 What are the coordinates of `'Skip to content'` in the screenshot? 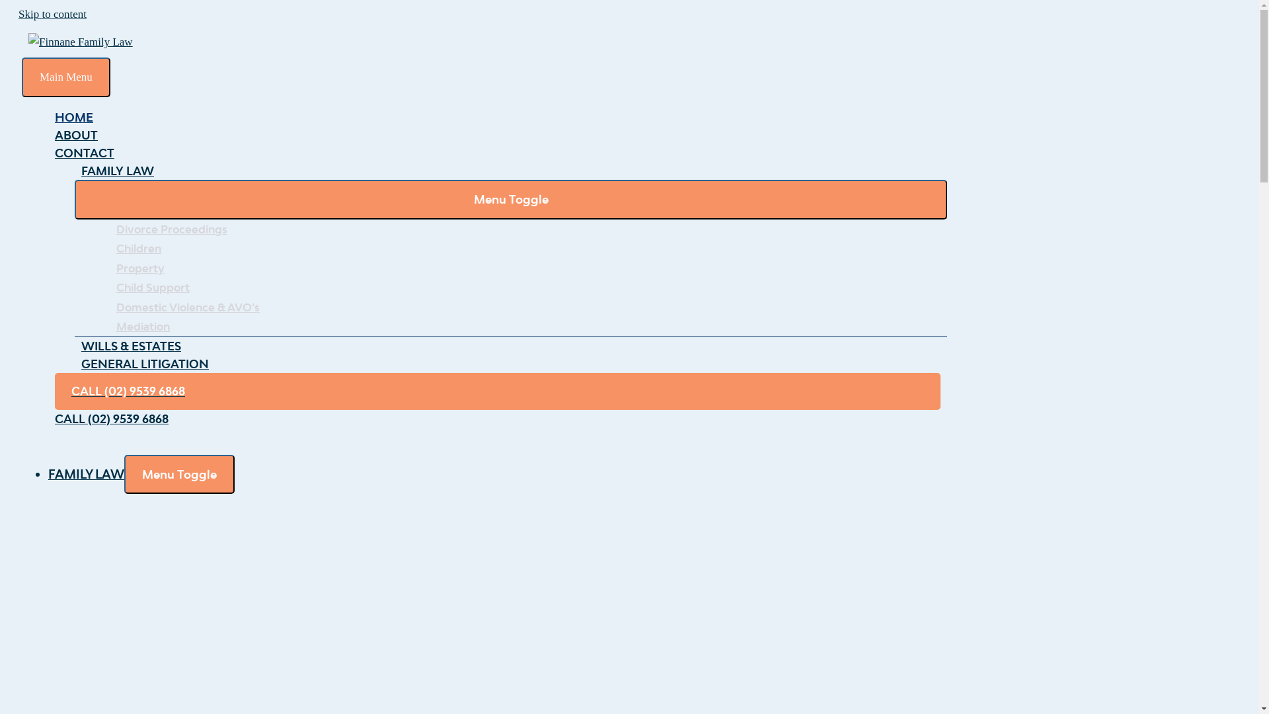 It's located at (19, 14).